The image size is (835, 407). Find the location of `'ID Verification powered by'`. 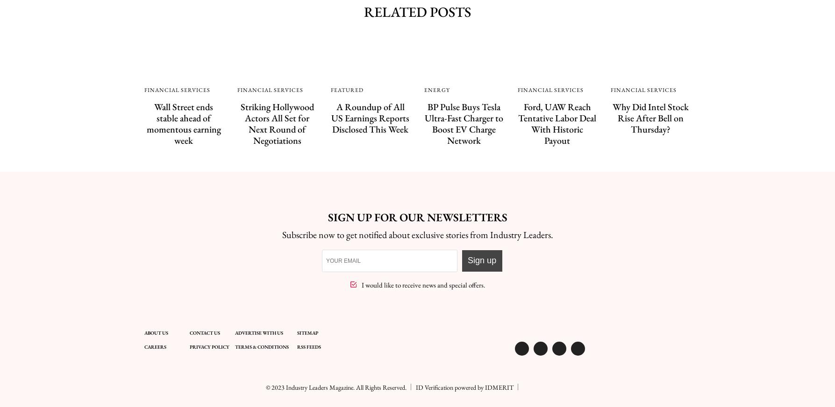

'ID Verification powered by' is located at coordinates (450, 387).